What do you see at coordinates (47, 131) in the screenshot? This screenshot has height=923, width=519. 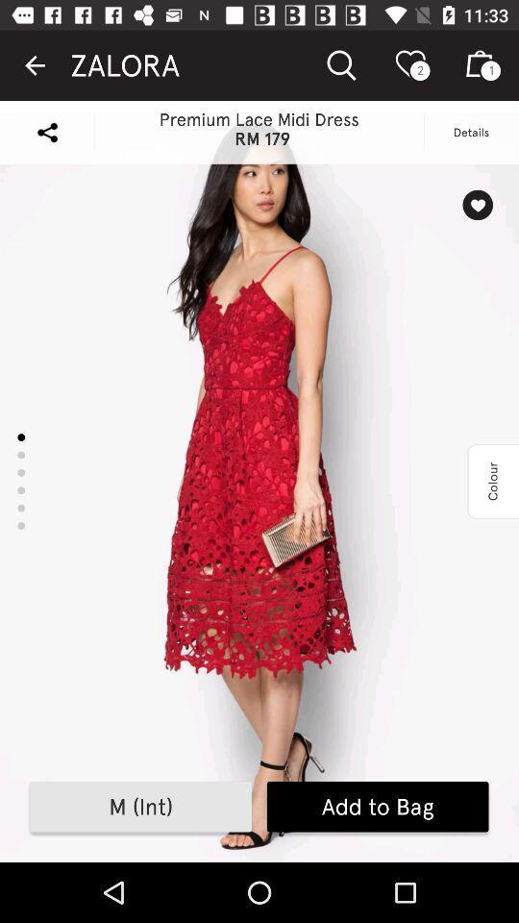 I see `share` at bounding box center [47, 131].